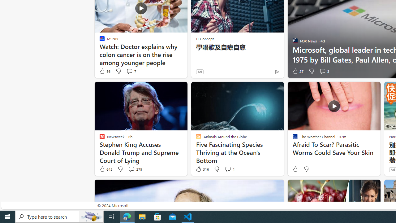 The height and width of the screenshot is (223, 396). What do you see at coordinates (322, 71) in the screenshot?
I see `'View comments 3 Comment'` at bounding box center [322, 71].